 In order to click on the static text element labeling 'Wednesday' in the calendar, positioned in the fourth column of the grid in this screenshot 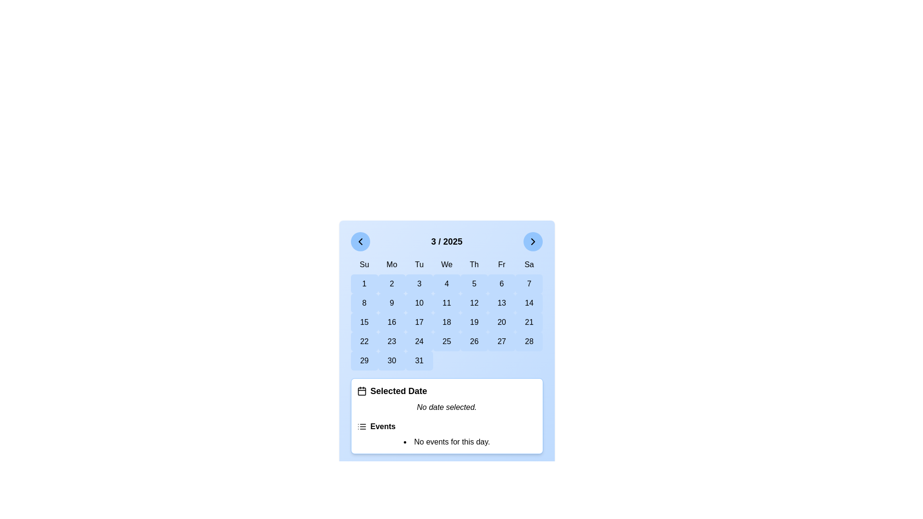, I will do `click(446, 265)`.